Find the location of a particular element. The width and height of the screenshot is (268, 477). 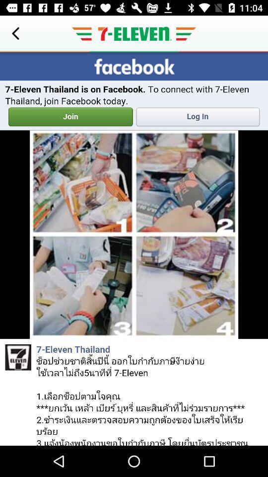

go back is located at coordinates (15, 34).